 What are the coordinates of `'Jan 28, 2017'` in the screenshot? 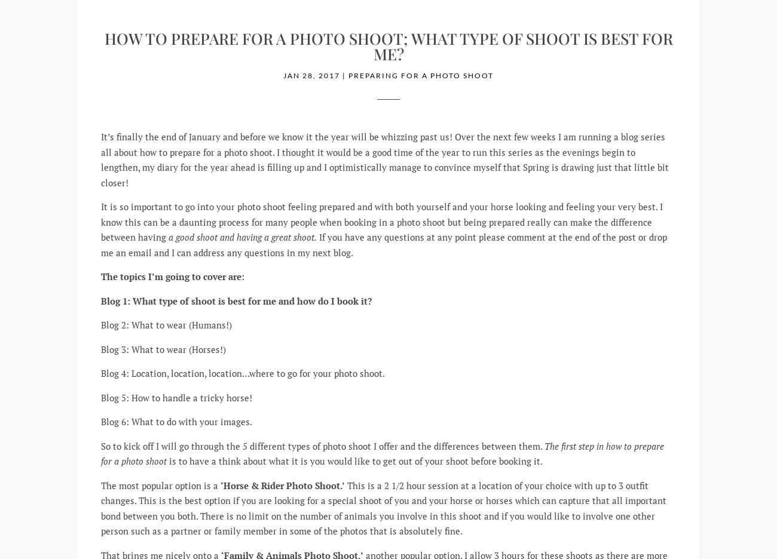 It's located at (282, 75).